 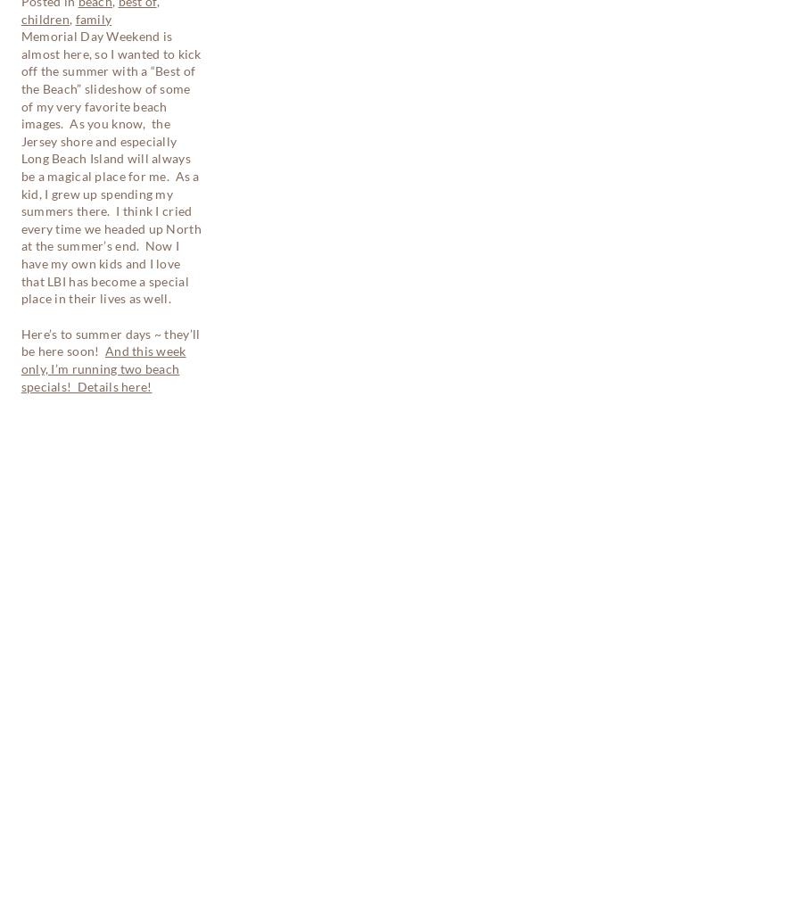 I want to click on 'Warm up to this special offer!', so click(x=97, y=652).